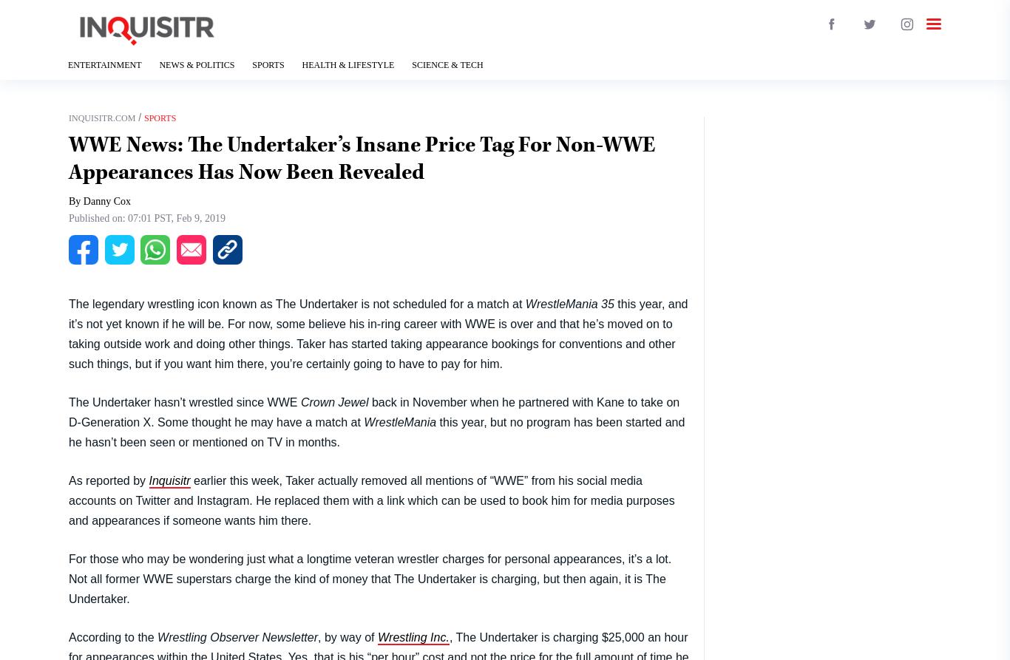  What do you see at coordinates (348, 636) in the screenshot?
I see `', by way of'` at bounding box center [348, 636].